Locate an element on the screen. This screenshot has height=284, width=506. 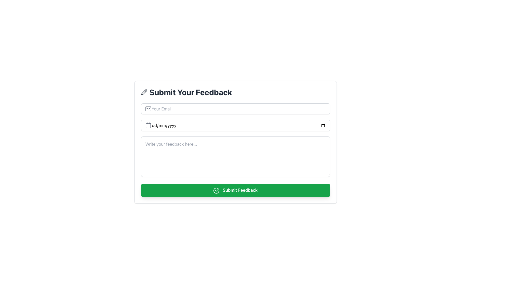
the decorative graphic element of the envelope or mail icon located to the left of the 'Your Email' text input field at the top-left corner of the feedback submission form is located at coordinates (148, 108).